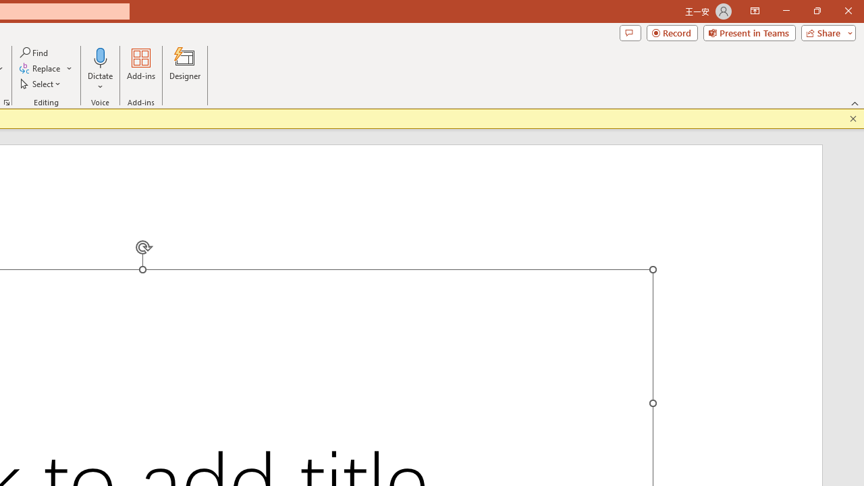 Image resolution: width=864 pixels, height=486 pixels. What do you see at coordinates (853, 118) in the screenshot?
I see `'Close this message'` at bounding box center [853, 118].